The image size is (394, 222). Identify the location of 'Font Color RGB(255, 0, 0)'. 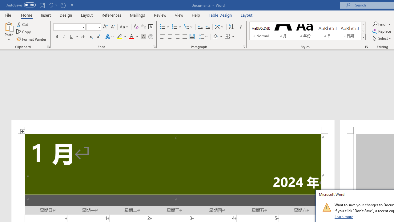
(131, 37).